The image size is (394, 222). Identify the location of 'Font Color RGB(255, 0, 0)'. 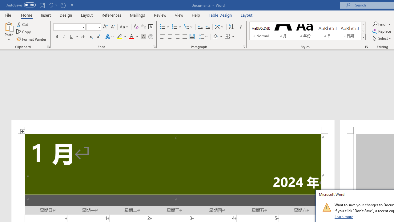
(131, 37).